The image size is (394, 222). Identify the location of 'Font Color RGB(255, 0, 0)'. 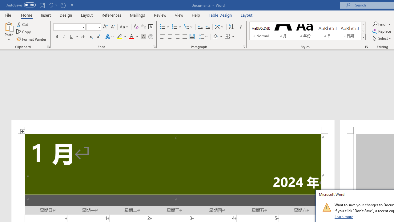
(131, 37).